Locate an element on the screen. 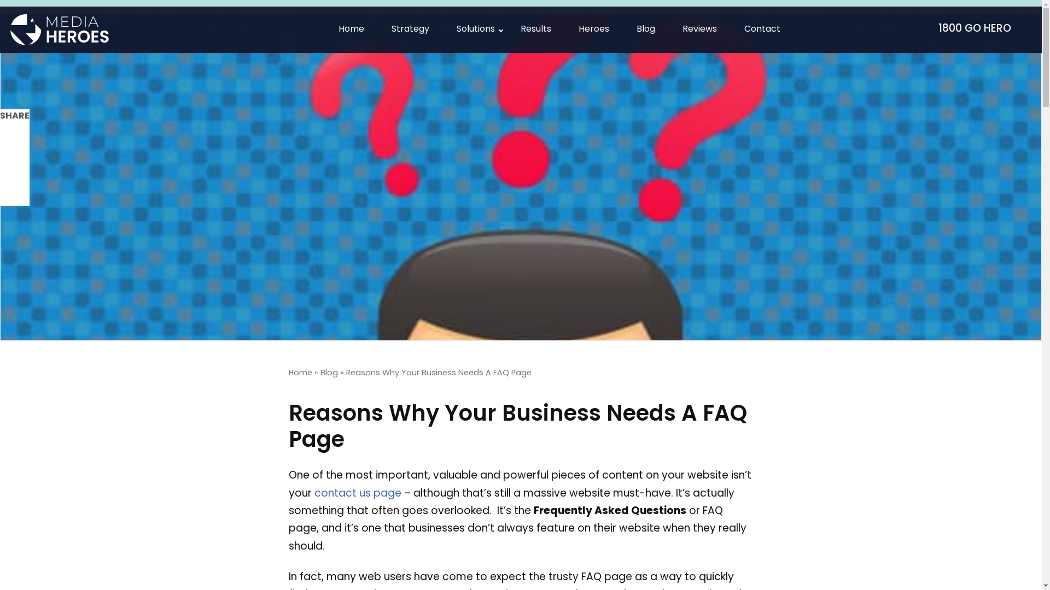  'Contact' is located at coordinates (730, 29).